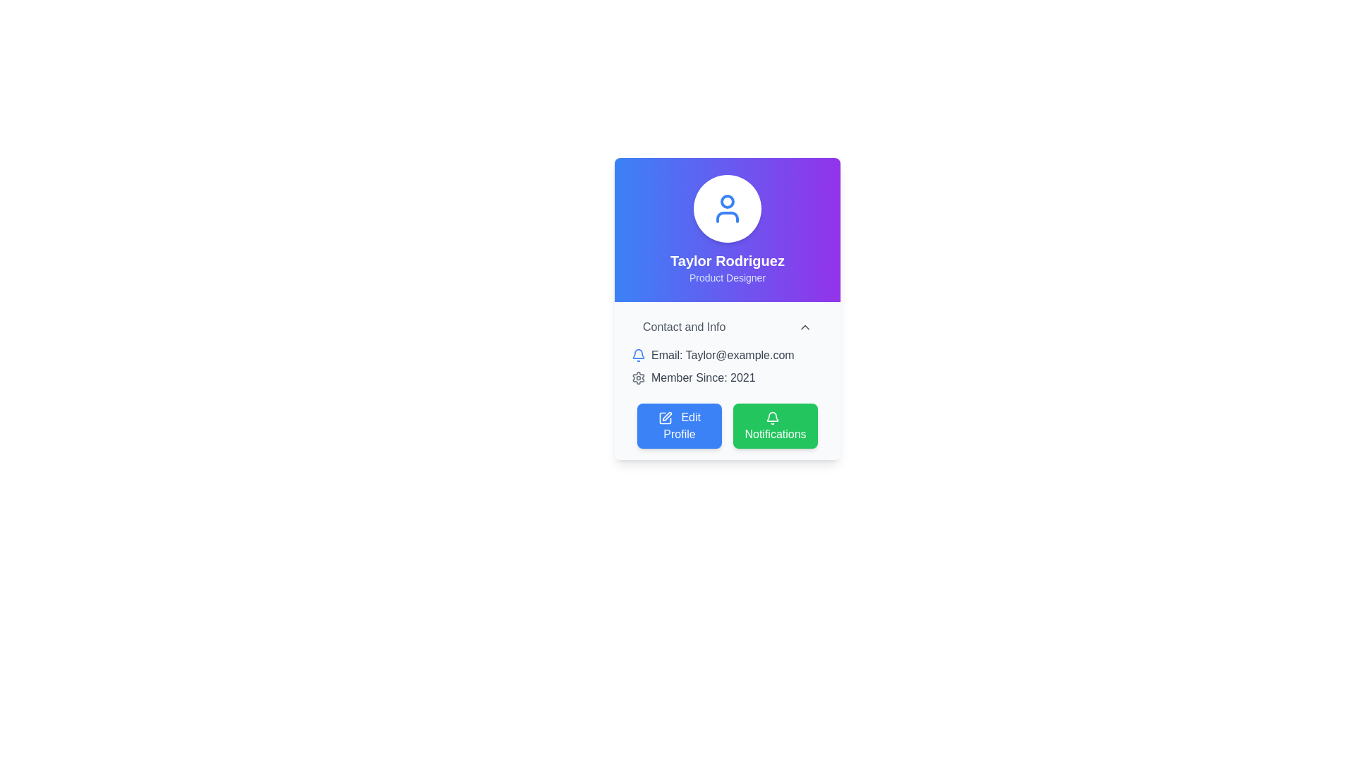  I want to click on informational text block that displays the user's contact email and membership joining year, located beneath the header 'Contact and Info' and above the buttons 'Edit Profile' and 'Notifications', so click(728, 366).